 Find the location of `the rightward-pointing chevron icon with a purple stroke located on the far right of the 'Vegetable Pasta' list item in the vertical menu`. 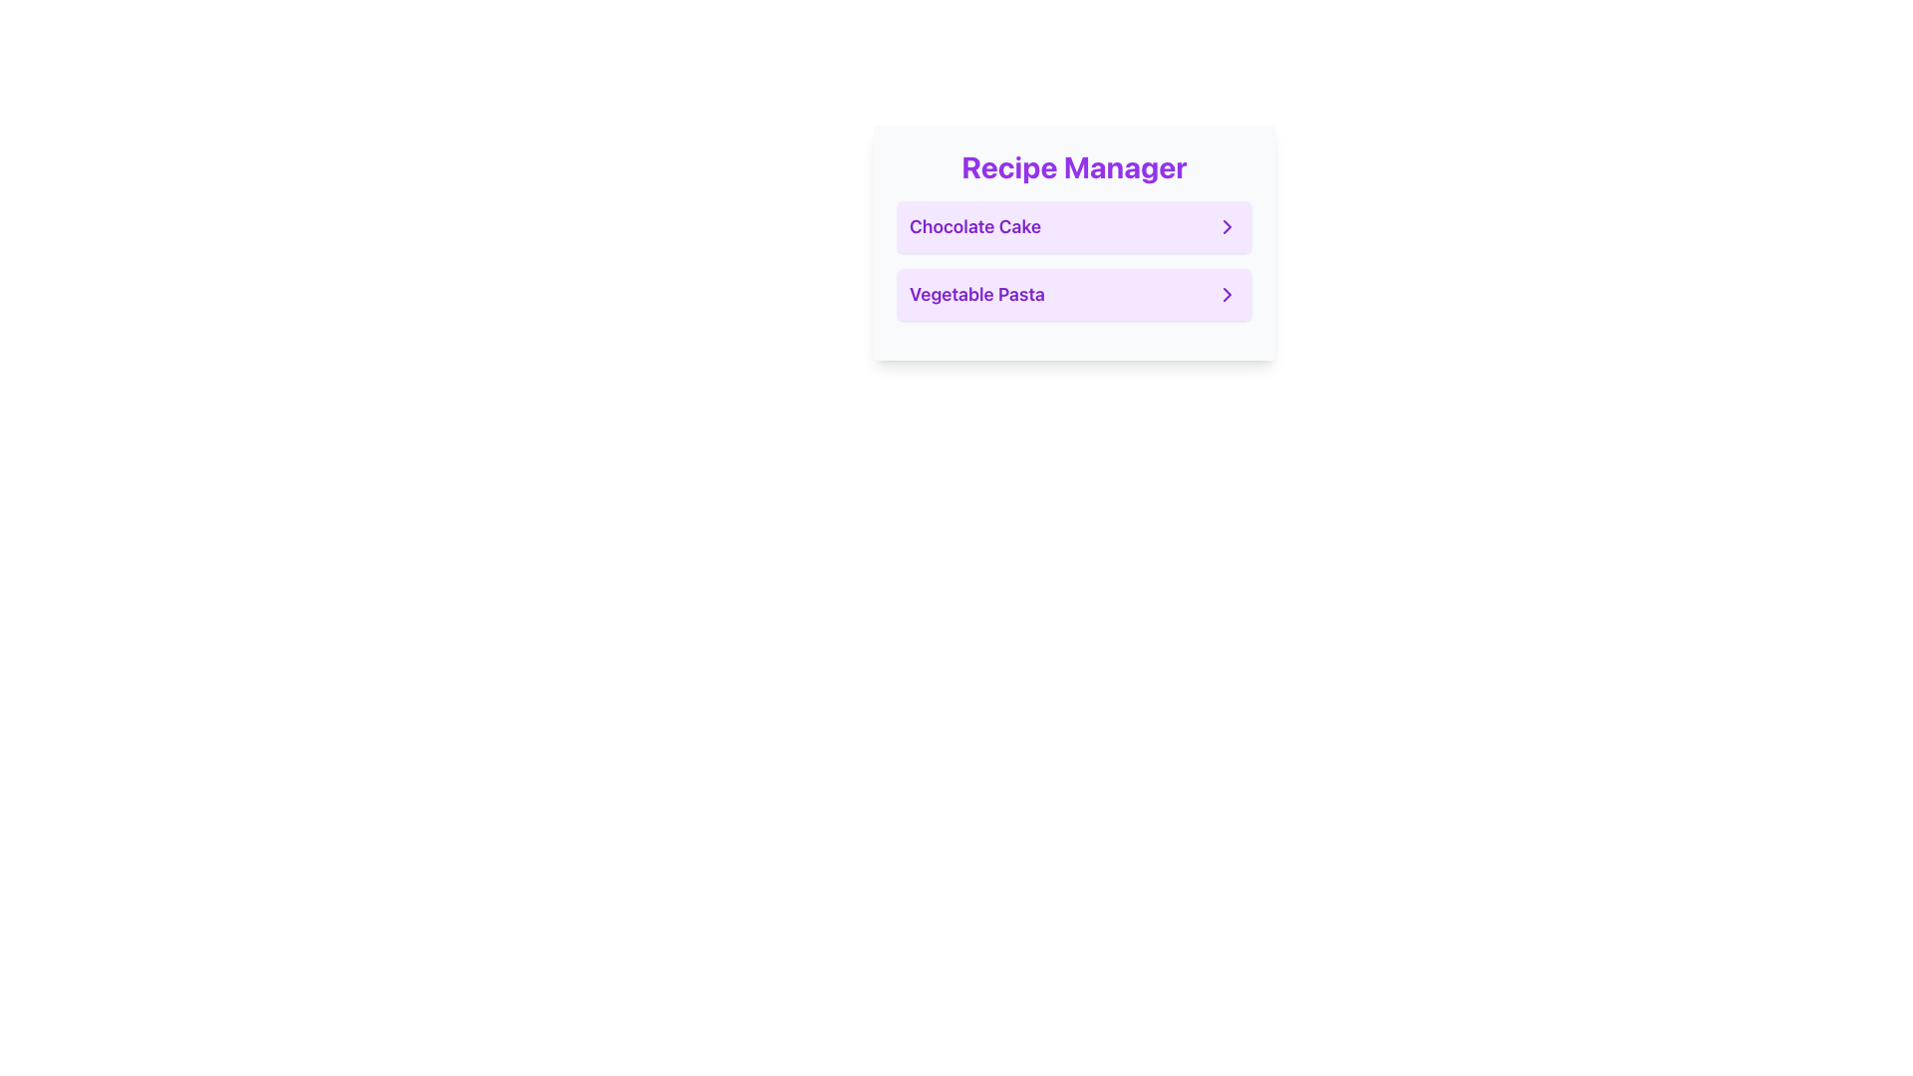

the rightward-pointing chevron icon with a purple stroke located on the far right of the 'Vegetable Pasta' list item in the vertical menu is located at coordinates (1227, 295).